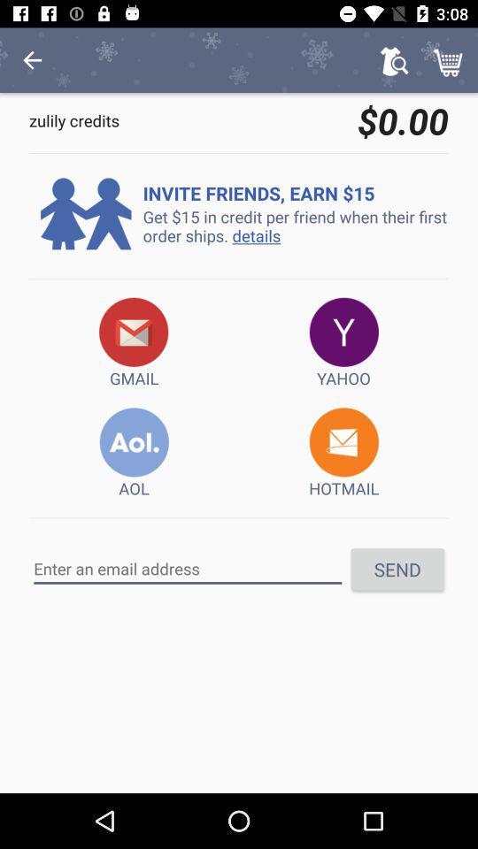 The height and width of the screenshot is (849, 478). I want to click on the item to the left of the hotmail, so click(133, 453).